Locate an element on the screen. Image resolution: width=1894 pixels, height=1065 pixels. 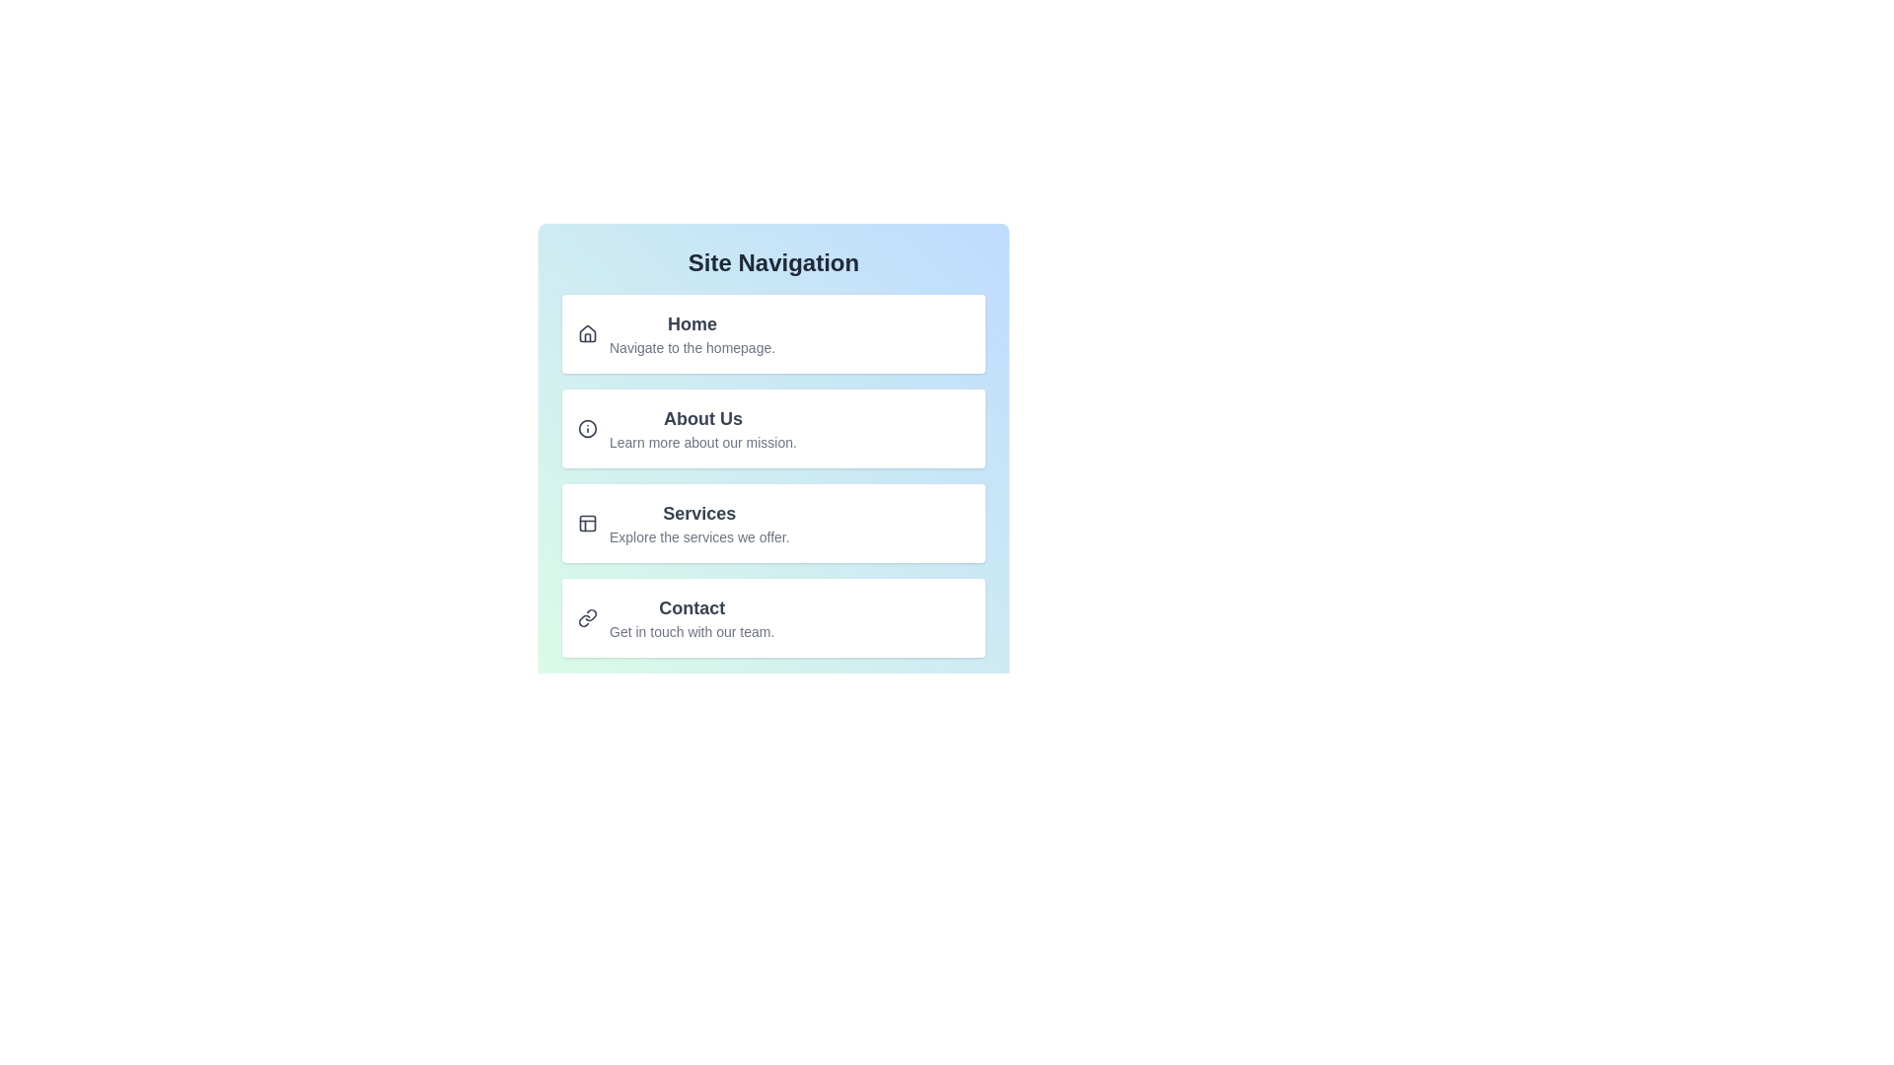
the 'About Us' navigation item, which features a bold heading and lighter subtext is located at coordinates (702, 428).